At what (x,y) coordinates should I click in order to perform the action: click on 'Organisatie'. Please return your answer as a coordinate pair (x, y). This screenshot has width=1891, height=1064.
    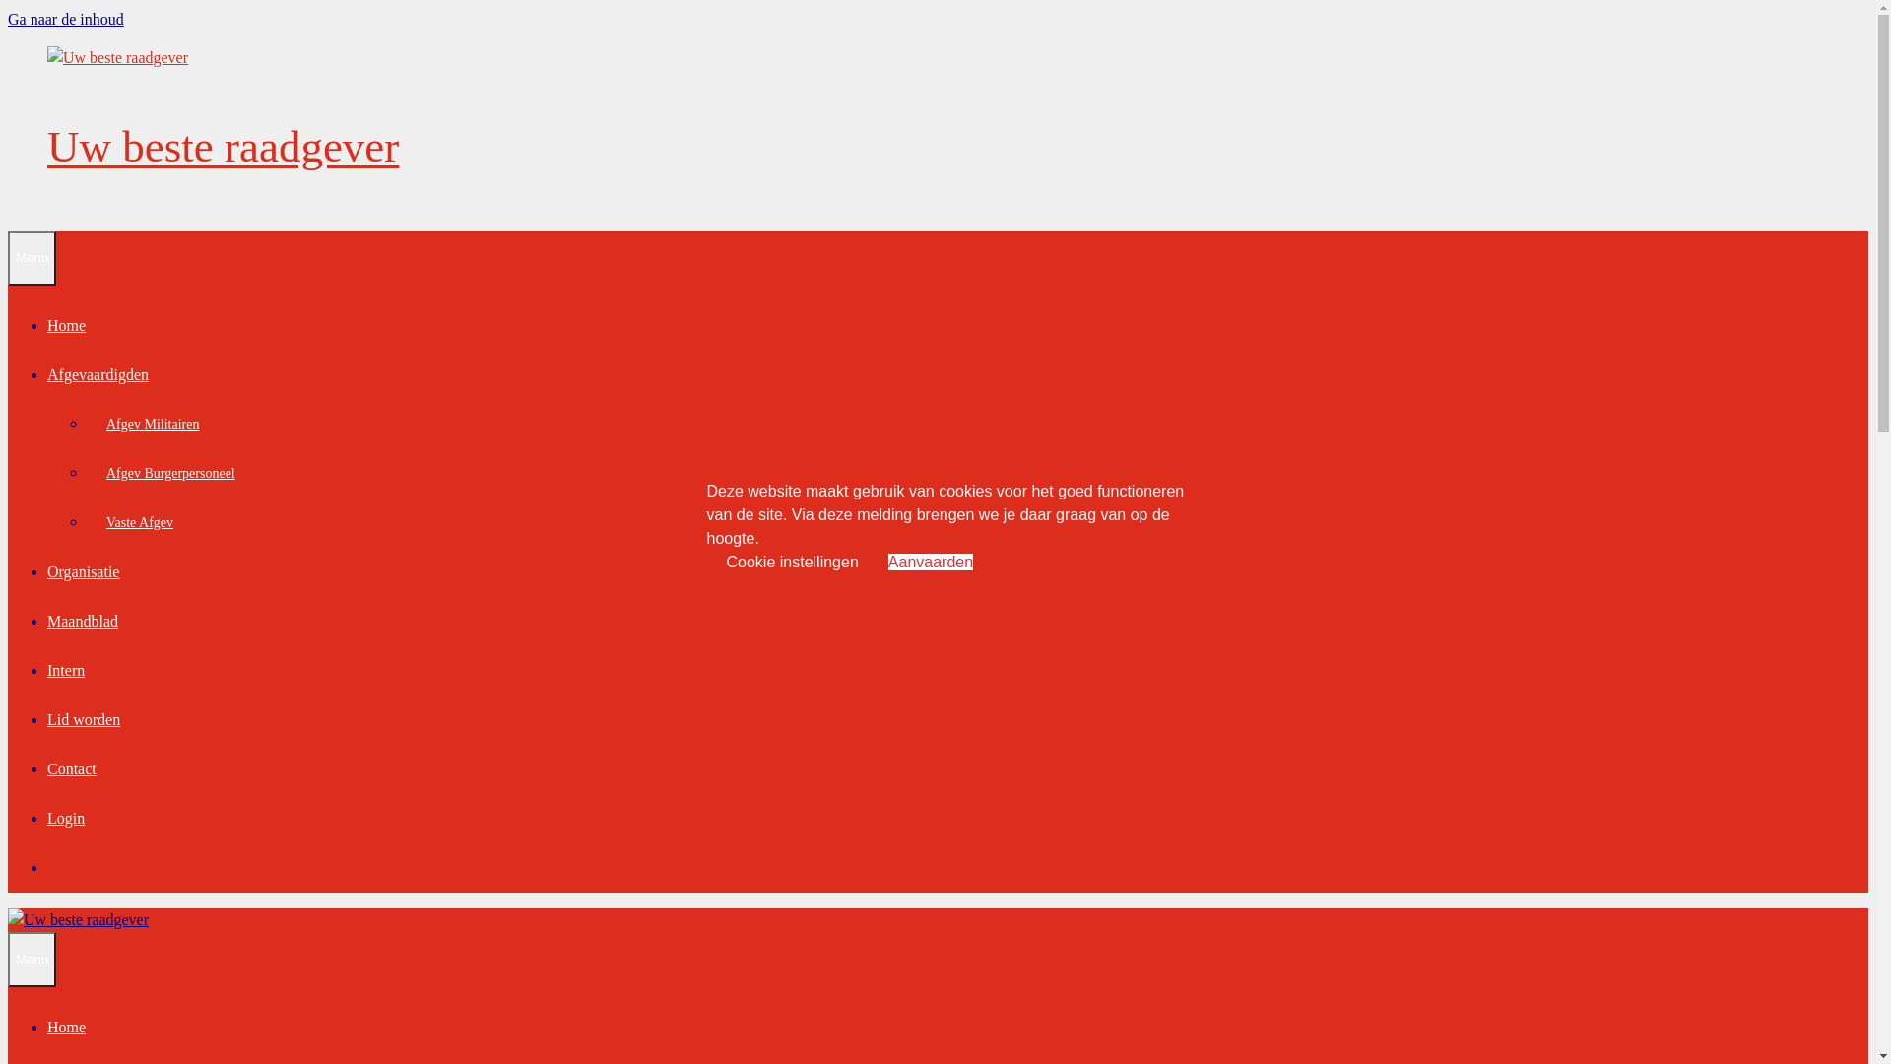
    Looking at the image, I should click on (47, 571).